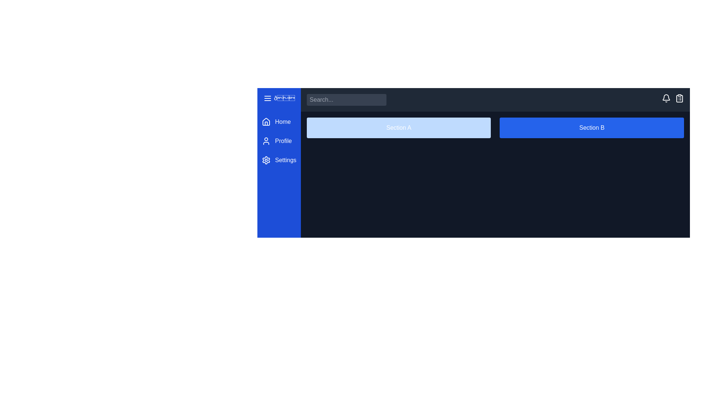  Describe the element at coordinates (679, 98) in the screenshot. I see `the clipboard icon located at the top-right corner of the interface, next to the bell icon, and above the content section labeled 'Section B'` at that location.